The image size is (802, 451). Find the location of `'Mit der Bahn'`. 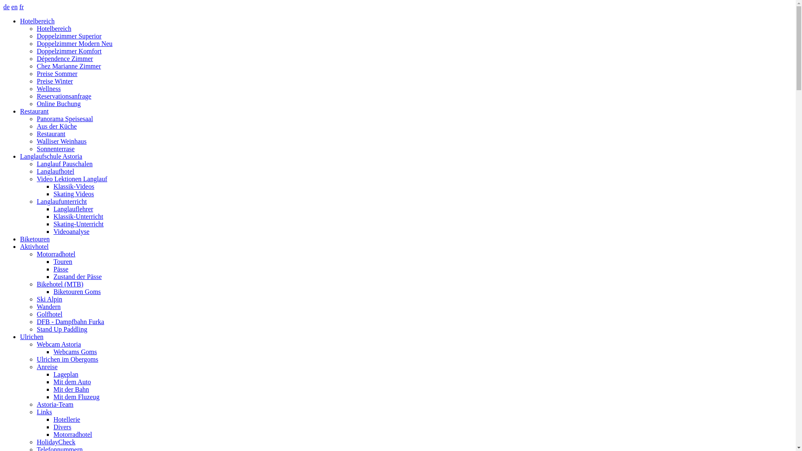

'Mit der Bahn' is located at coordinates (71, 389).